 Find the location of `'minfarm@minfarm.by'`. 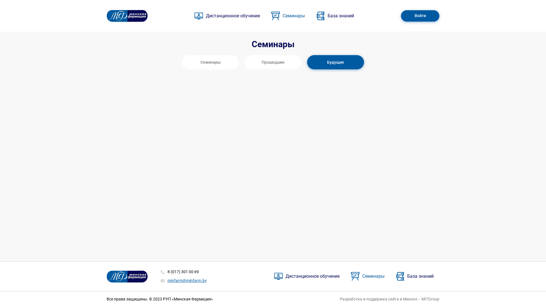

'minfarm@minfarm.by' is located at coordinates (187, 280).